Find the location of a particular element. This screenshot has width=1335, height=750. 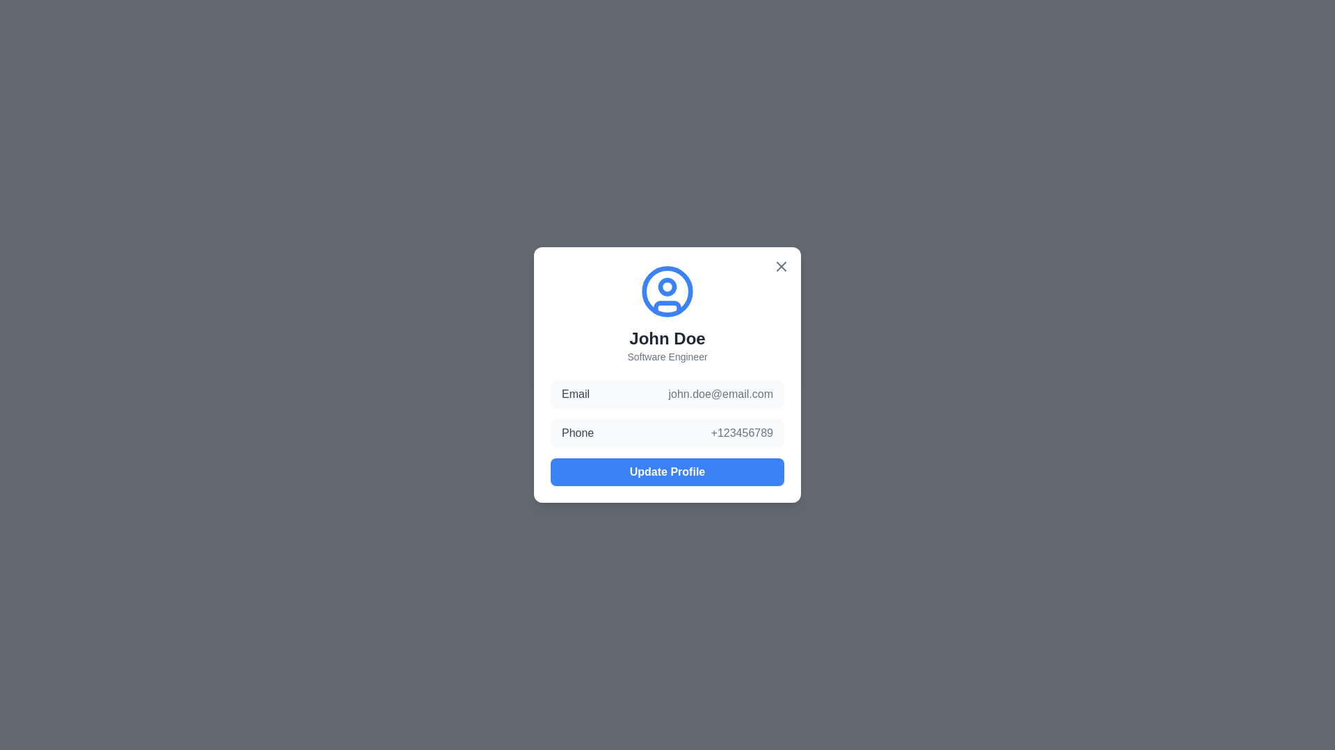

the user avatar icon located at the top of the modal box, which is centrally aligned above the text 'John Doe' and 'Software Engineer' is located at coordinates (667, 291).